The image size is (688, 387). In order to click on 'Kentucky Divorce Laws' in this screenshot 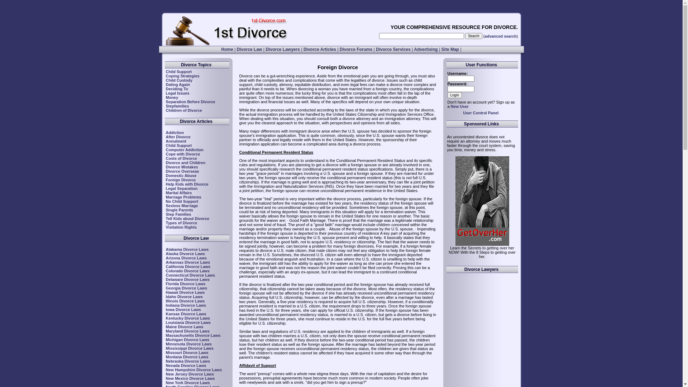, I will do `click(187, 317)`.